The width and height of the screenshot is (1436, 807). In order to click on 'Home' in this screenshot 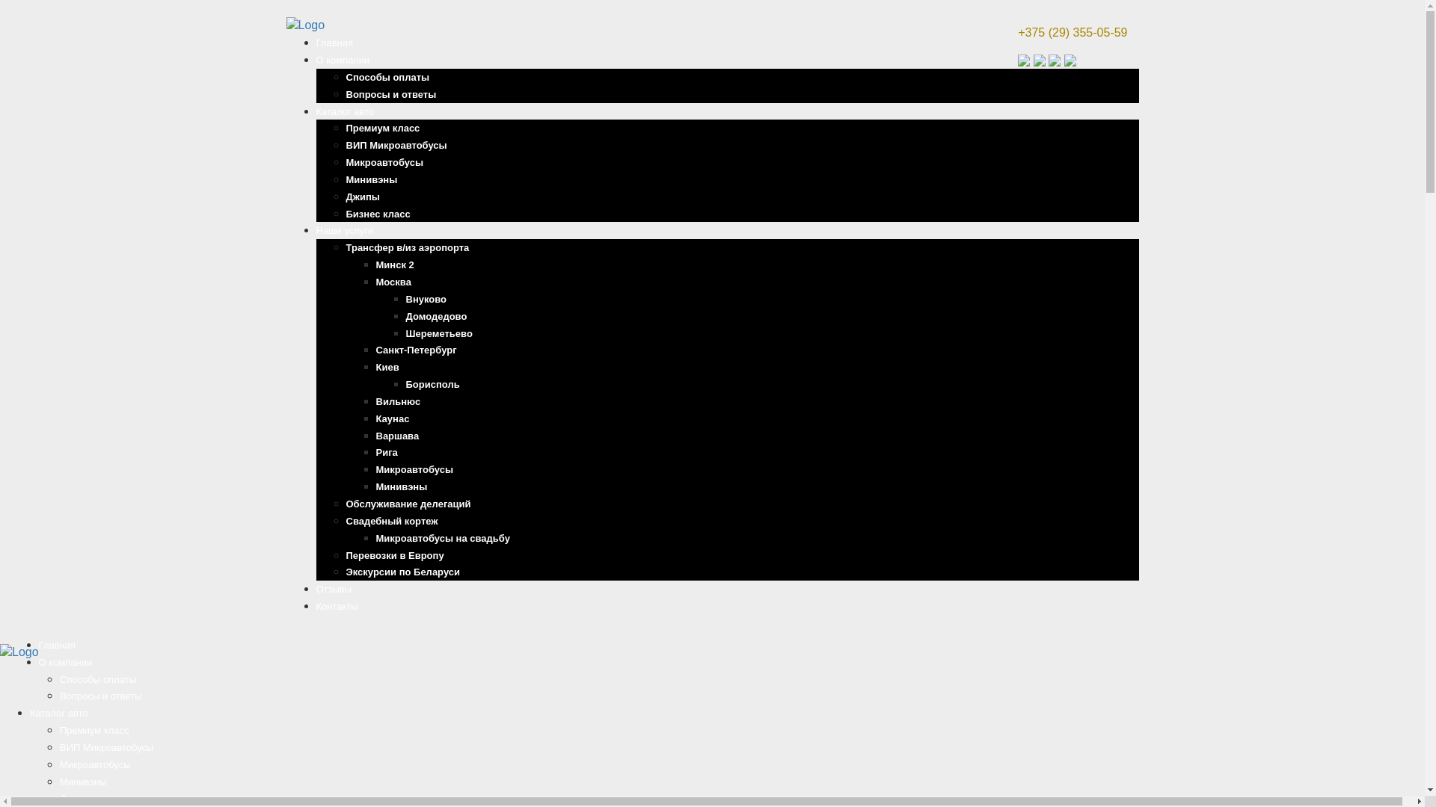, I will do `click(19, 652)`.